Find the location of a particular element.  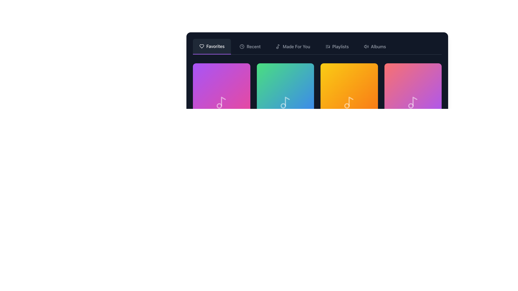

the 'Made For You' text label located in the navigation bar is located at coordinates (296, 46).